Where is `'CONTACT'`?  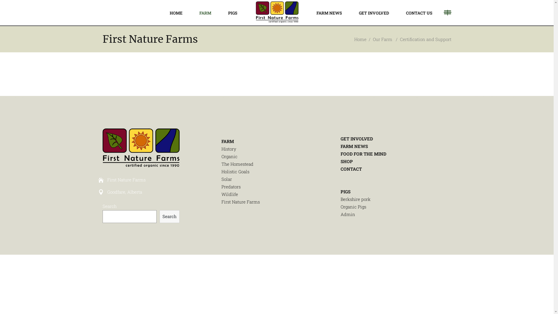
'CONTACT' is located at coordinates (351, 169).